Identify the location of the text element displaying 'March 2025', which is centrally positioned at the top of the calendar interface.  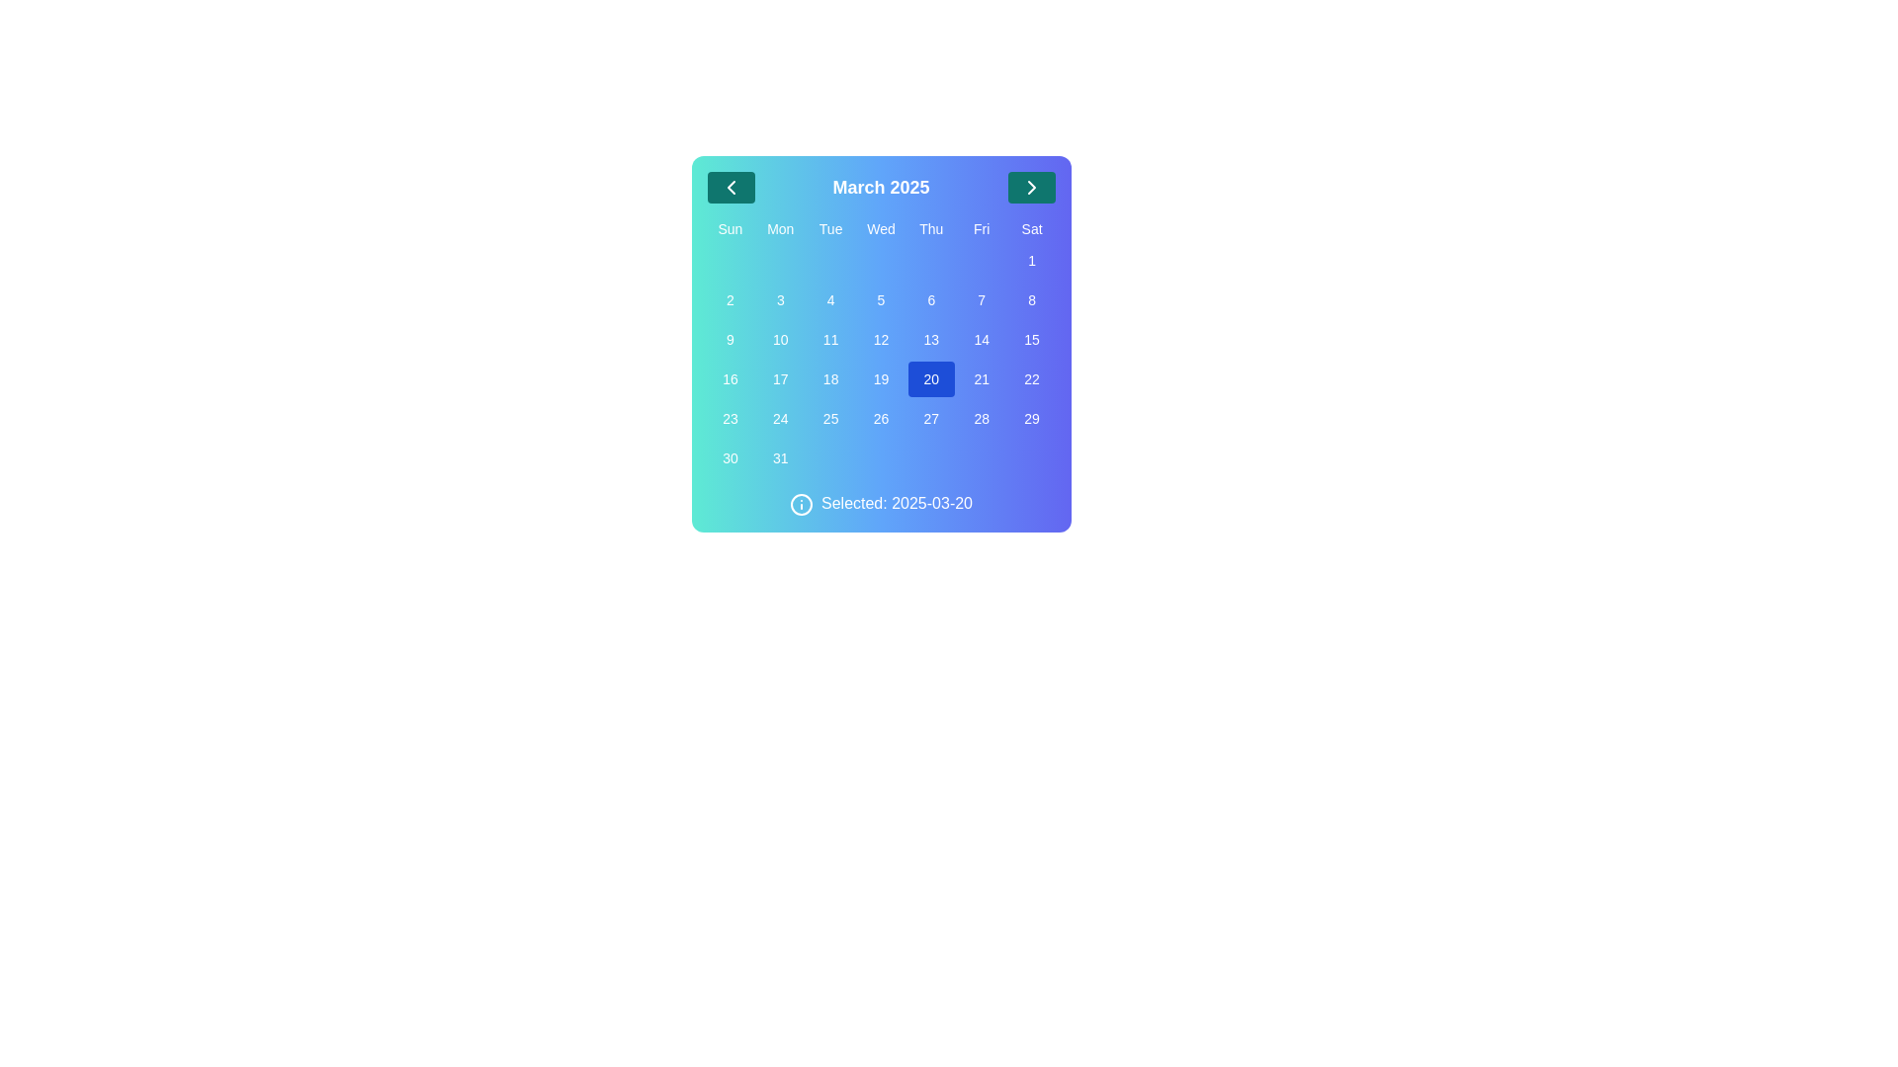
(880, 187).